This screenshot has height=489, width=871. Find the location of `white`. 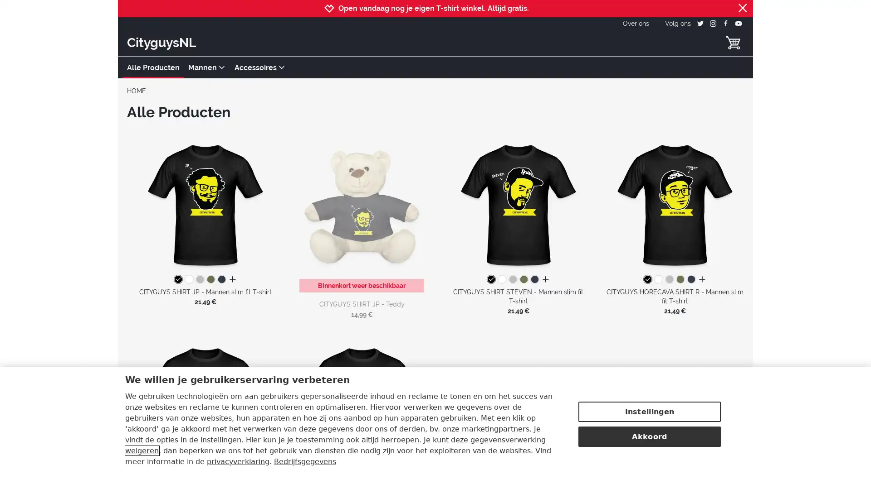

white is located at coordinates (188, 279).